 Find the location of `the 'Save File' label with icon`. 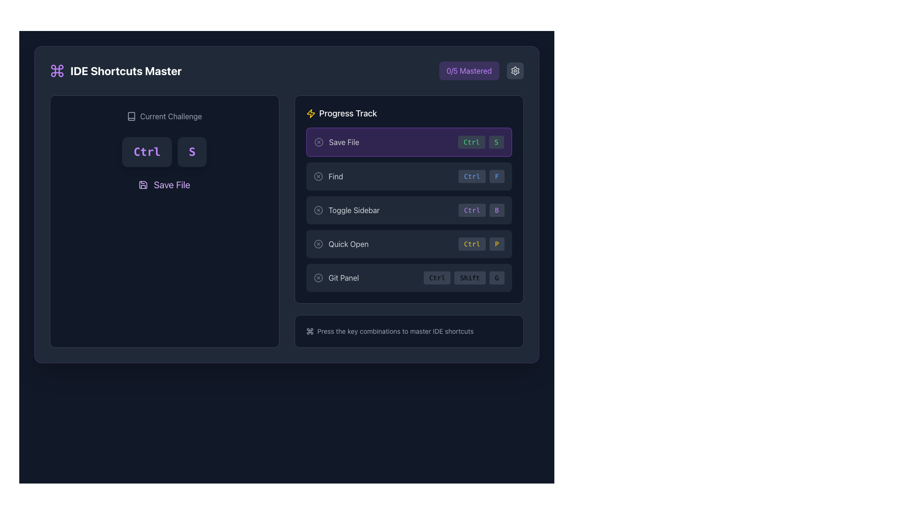

the 'Save File' label with icon is located at coordinates (164, 184).